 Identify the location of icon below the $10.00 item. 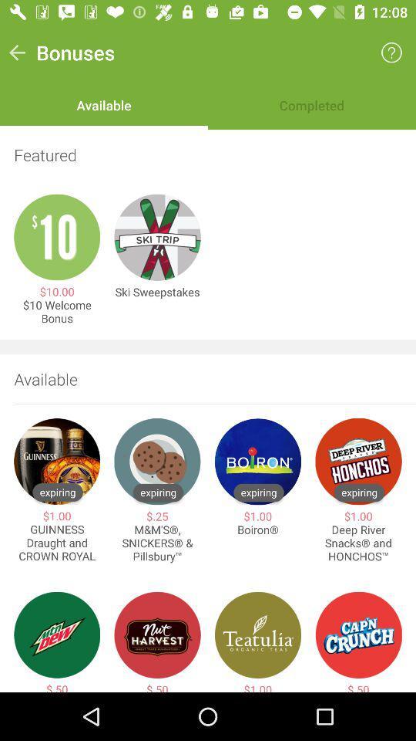
(56, 311).